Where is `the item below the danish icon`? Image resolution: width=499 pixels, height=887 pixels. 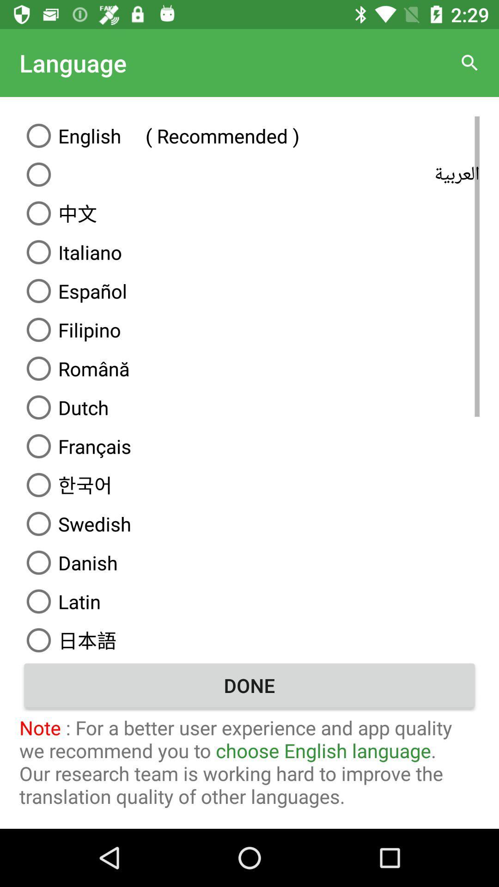
the item below the danish icon is located at coordinates (249, 601).